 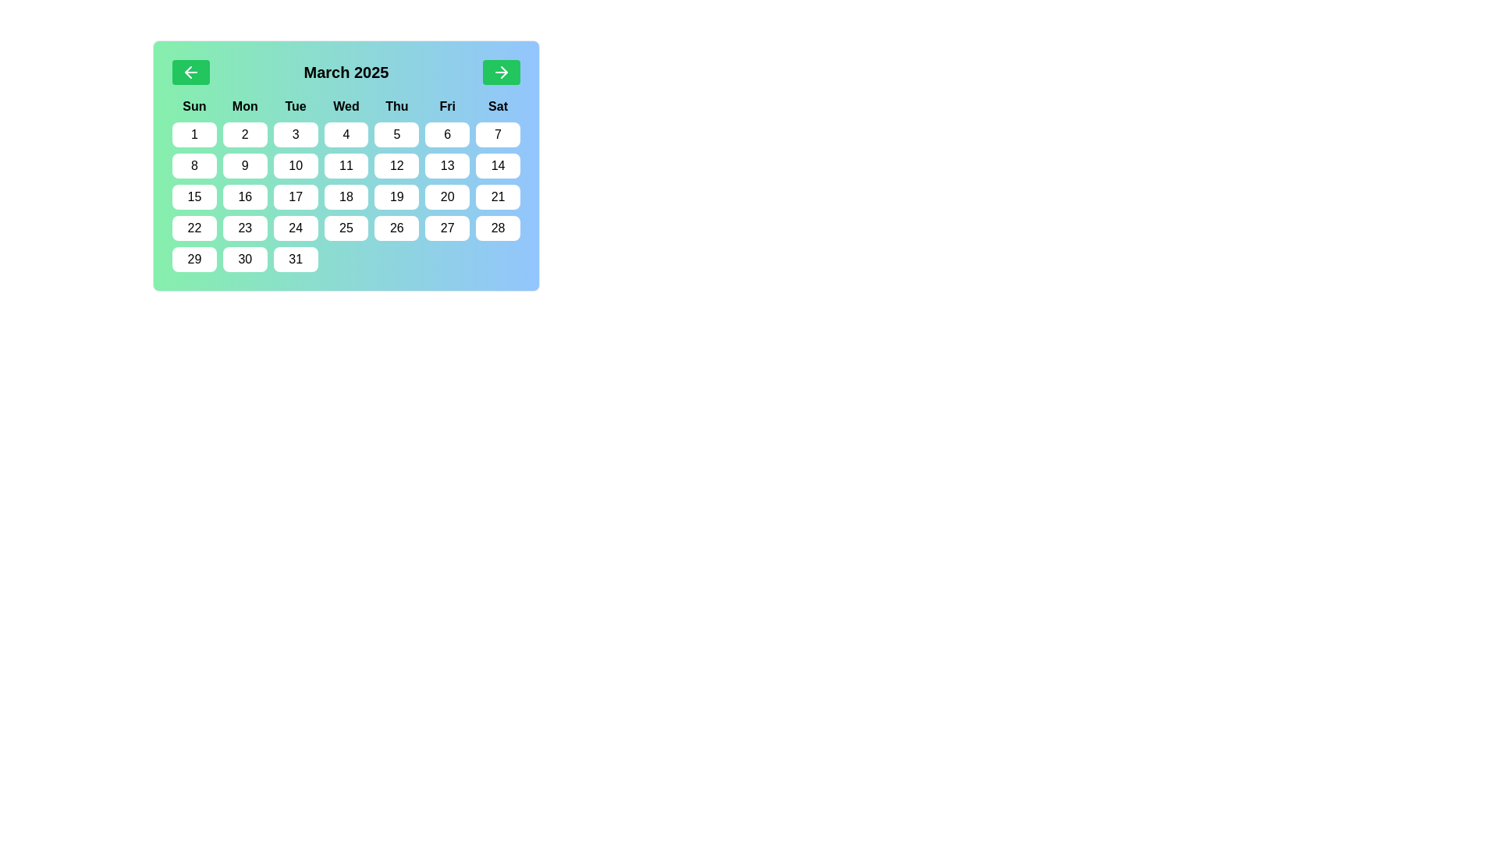 I want to click on the button representing the date '17' in the calendar, located in the third row and third column under 'Tue', so click(x=296, y=196).